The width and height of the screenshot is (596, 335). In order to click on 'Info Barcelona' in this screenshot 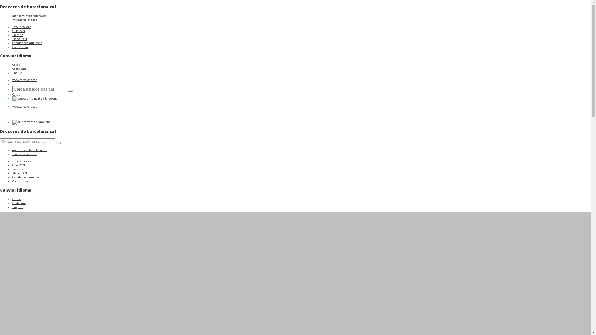, I will do `click(22, 161)`.